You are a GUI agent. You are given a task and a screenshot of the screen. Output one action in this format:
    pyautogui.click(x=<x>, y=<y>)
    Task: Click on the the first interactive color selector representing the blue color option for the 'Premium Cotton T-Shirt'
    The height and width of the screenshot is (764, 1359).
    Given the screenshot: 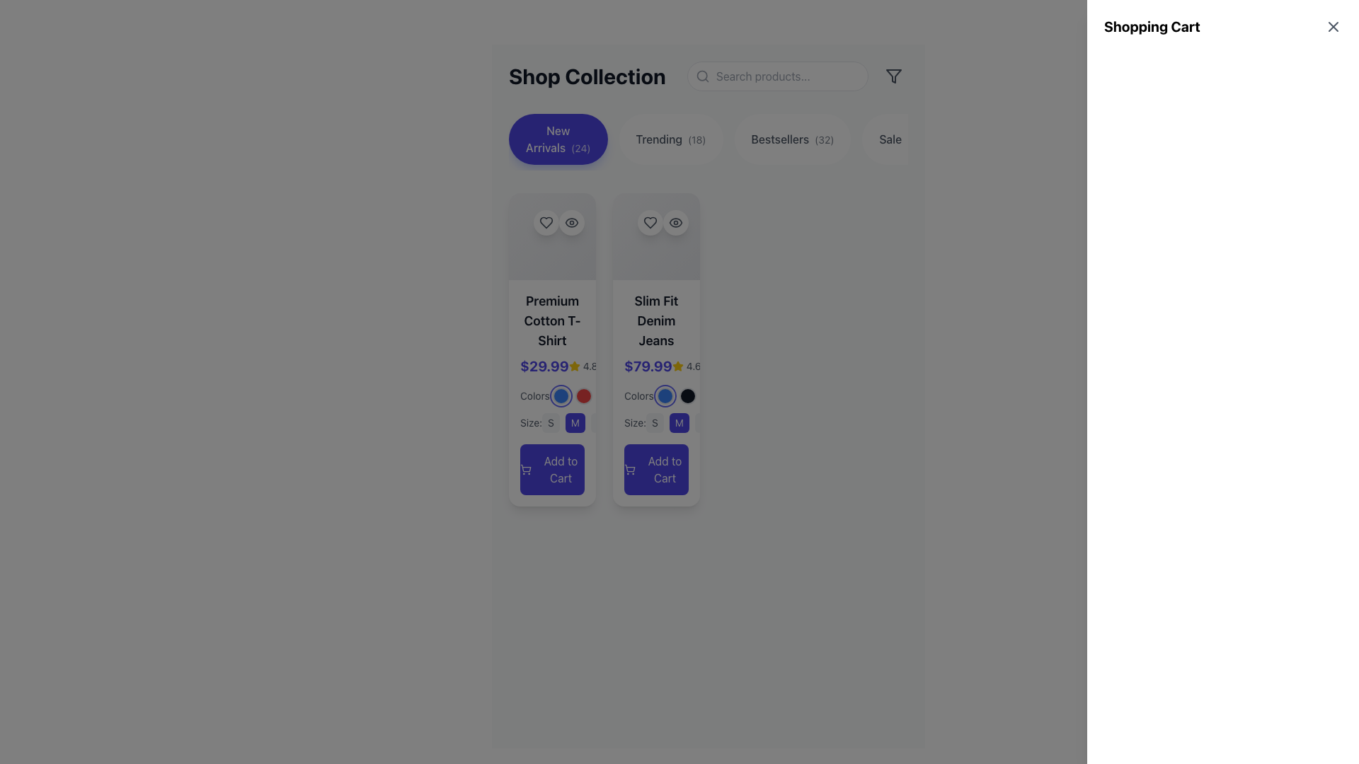 What is the action you would take?
    pyautogui.click(x=551, y=395)
    